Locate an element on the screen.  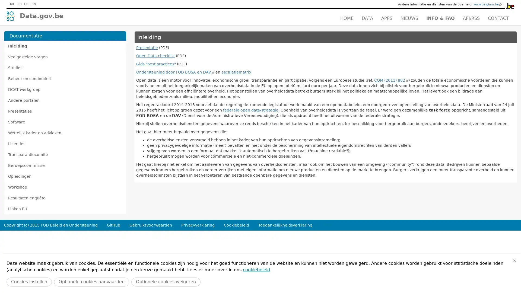
Cookies instellen is located at coordinates (29, 282).